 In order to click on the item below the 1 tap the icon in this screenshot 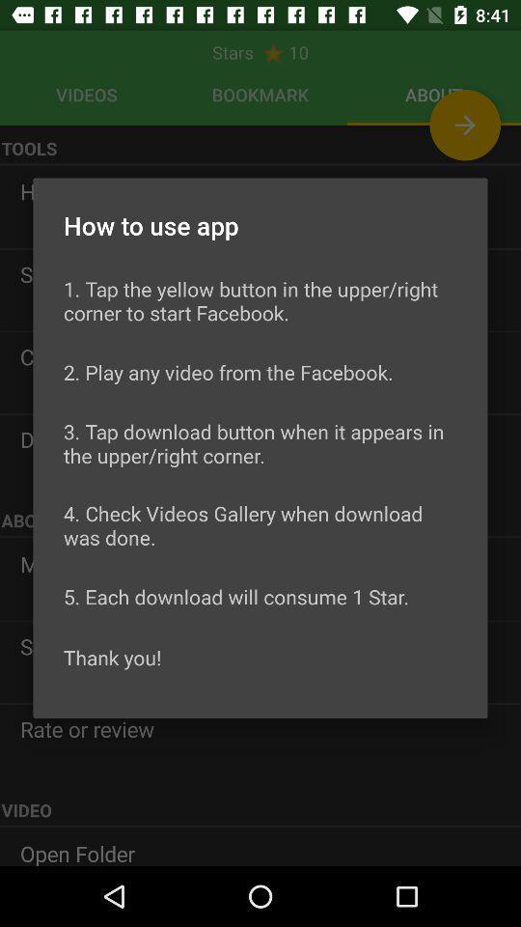, I will do `click(227, 371)`.